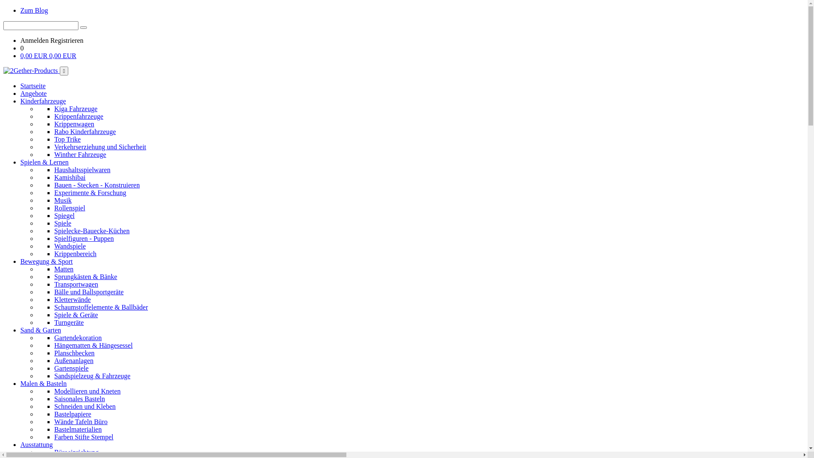 The height and width of the screenshot is (458, 814). Describe the element at coordinates (78, 429) in the screenshot. I see `'Bastelmaterialien'` at that location.